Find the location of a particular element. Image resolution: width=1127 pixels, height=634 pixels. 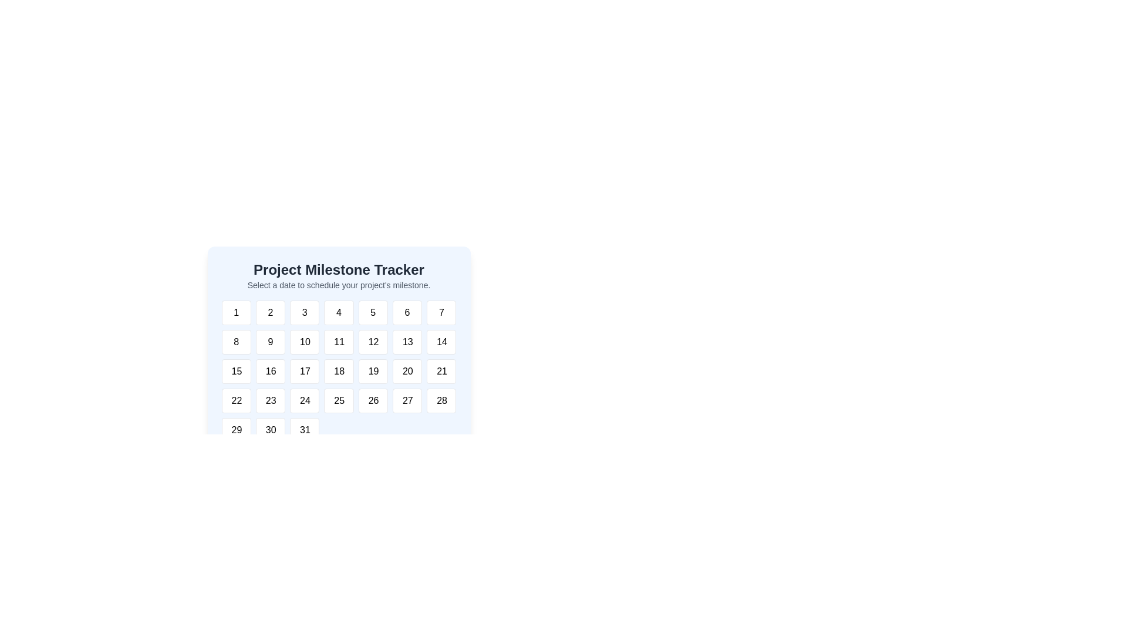

the day selection button for the 25th day in the calendar interface located below the 'Project Milestone Tracker' header is located at coordinates (338, 400).